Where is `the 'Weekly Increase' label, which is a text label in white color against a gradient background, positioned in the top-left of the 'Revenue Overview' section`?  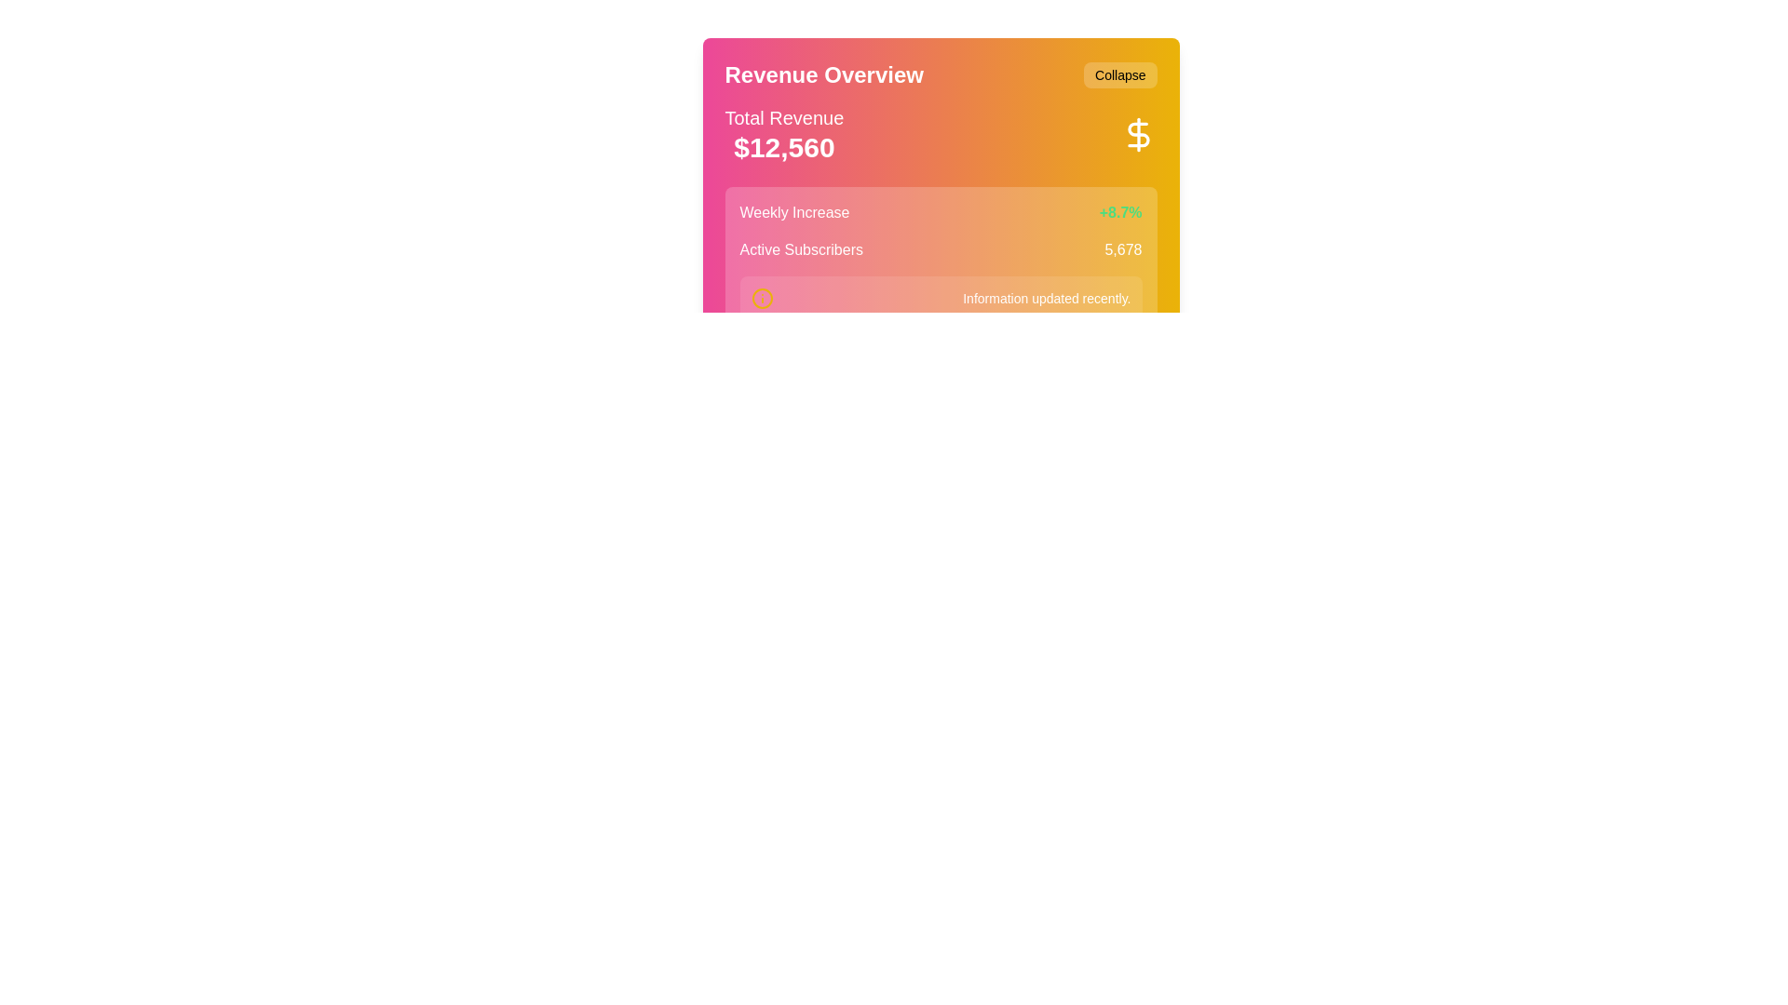
the 'Weekly Increase' label, which is a text label in white color against a gradient background, positioned in the top-left of the 'Revenue Overview' section is located at coordinates (794, 211).